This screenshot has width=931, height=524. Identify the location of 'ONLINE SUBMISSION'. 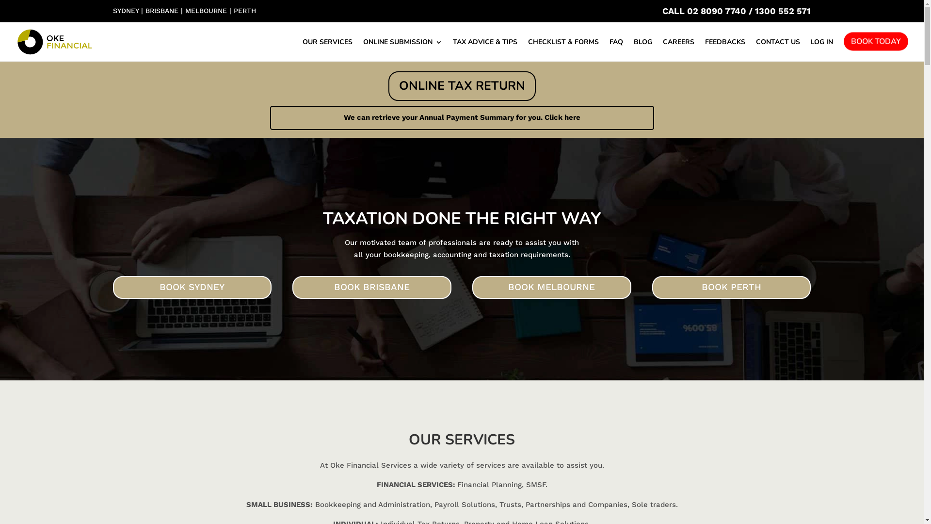
(402, 50).